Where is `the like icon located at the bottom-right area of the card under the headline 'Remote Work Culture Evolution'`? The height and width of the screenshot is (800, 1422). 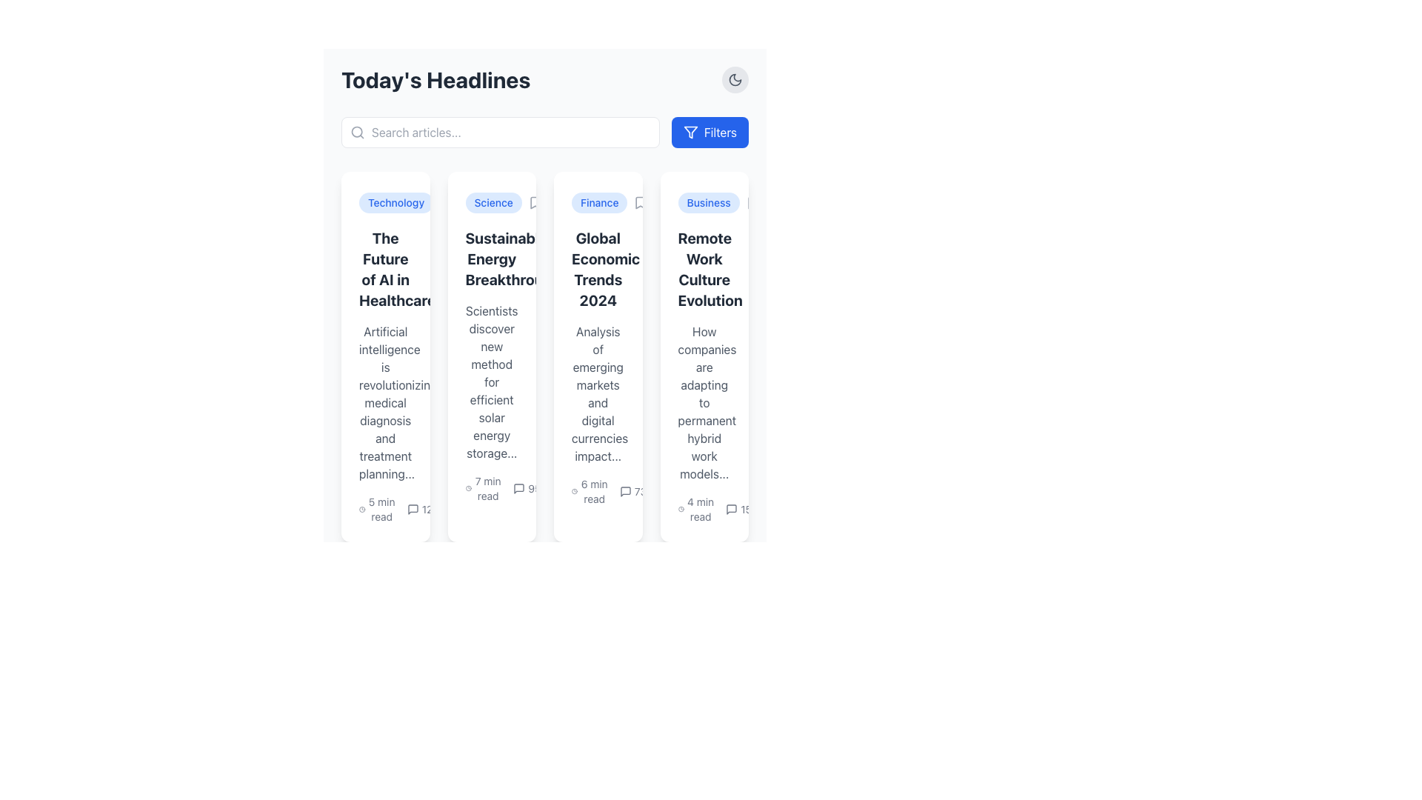 the like icon located at the bottom-right area of the card under the headline 'Remote Work Culture Evolution' is located at coordinates (697, 491).